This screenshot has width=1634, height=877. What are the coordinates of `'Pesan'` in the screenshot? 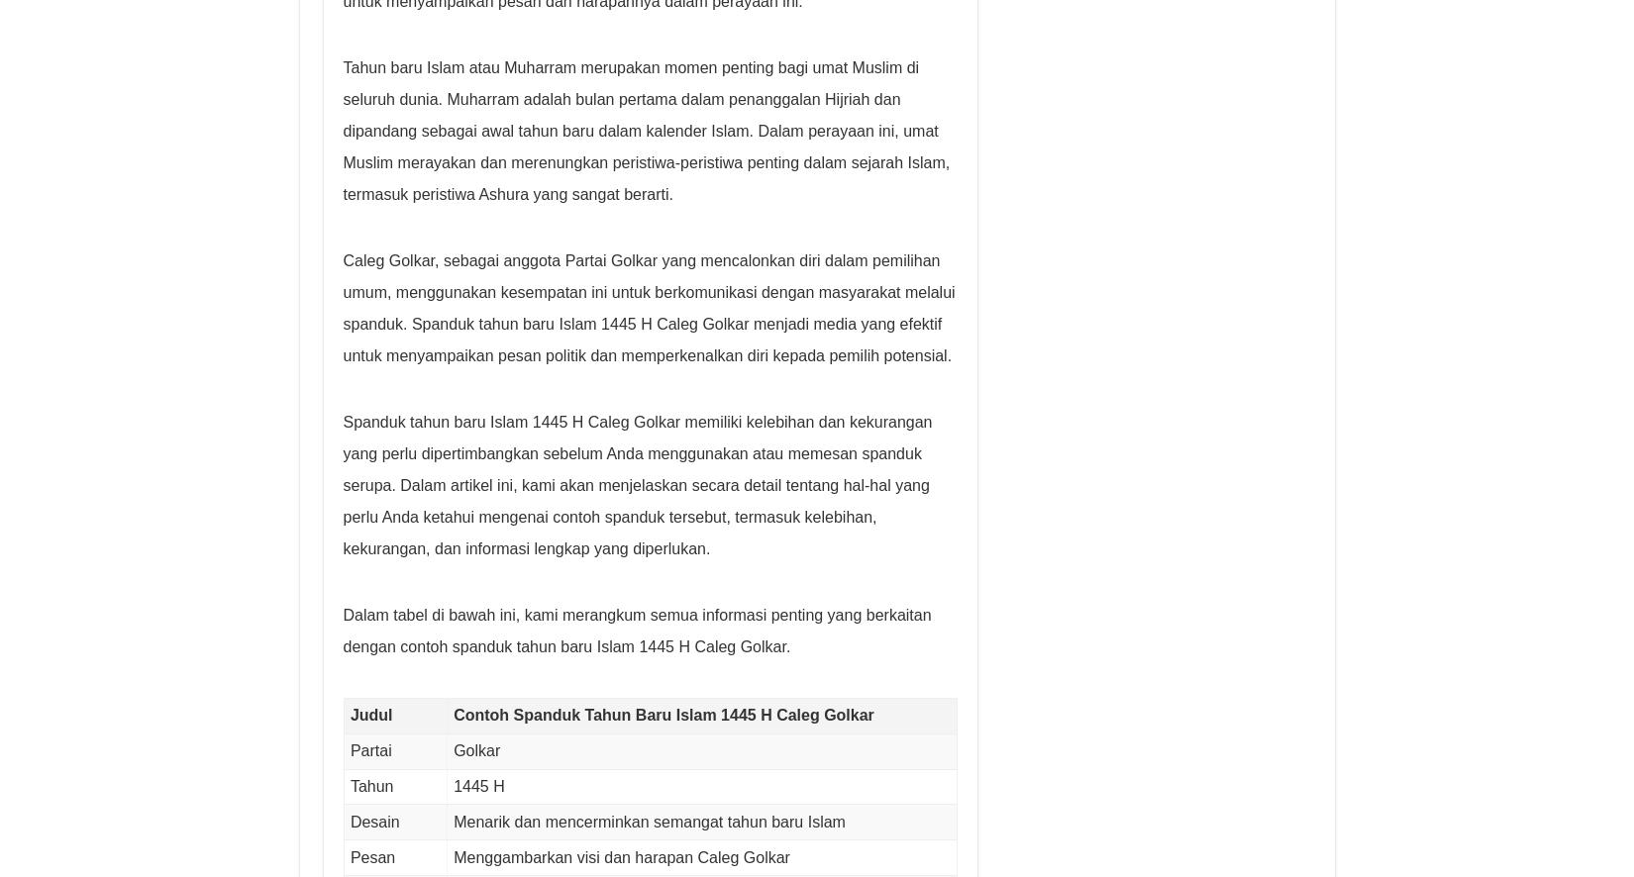 It's located at (372, 855).